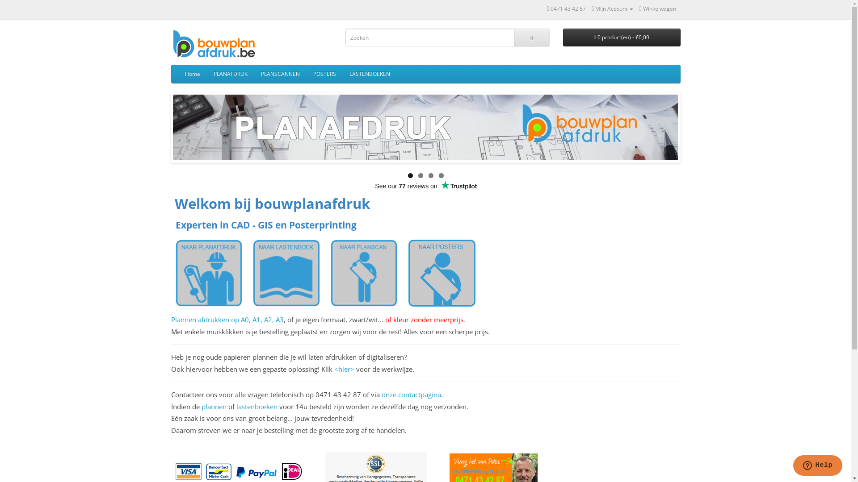  What do you see at coordinates (256, 406) in the screenshot?
I see `'lastenboeken'` at bounding box center [256, 406].